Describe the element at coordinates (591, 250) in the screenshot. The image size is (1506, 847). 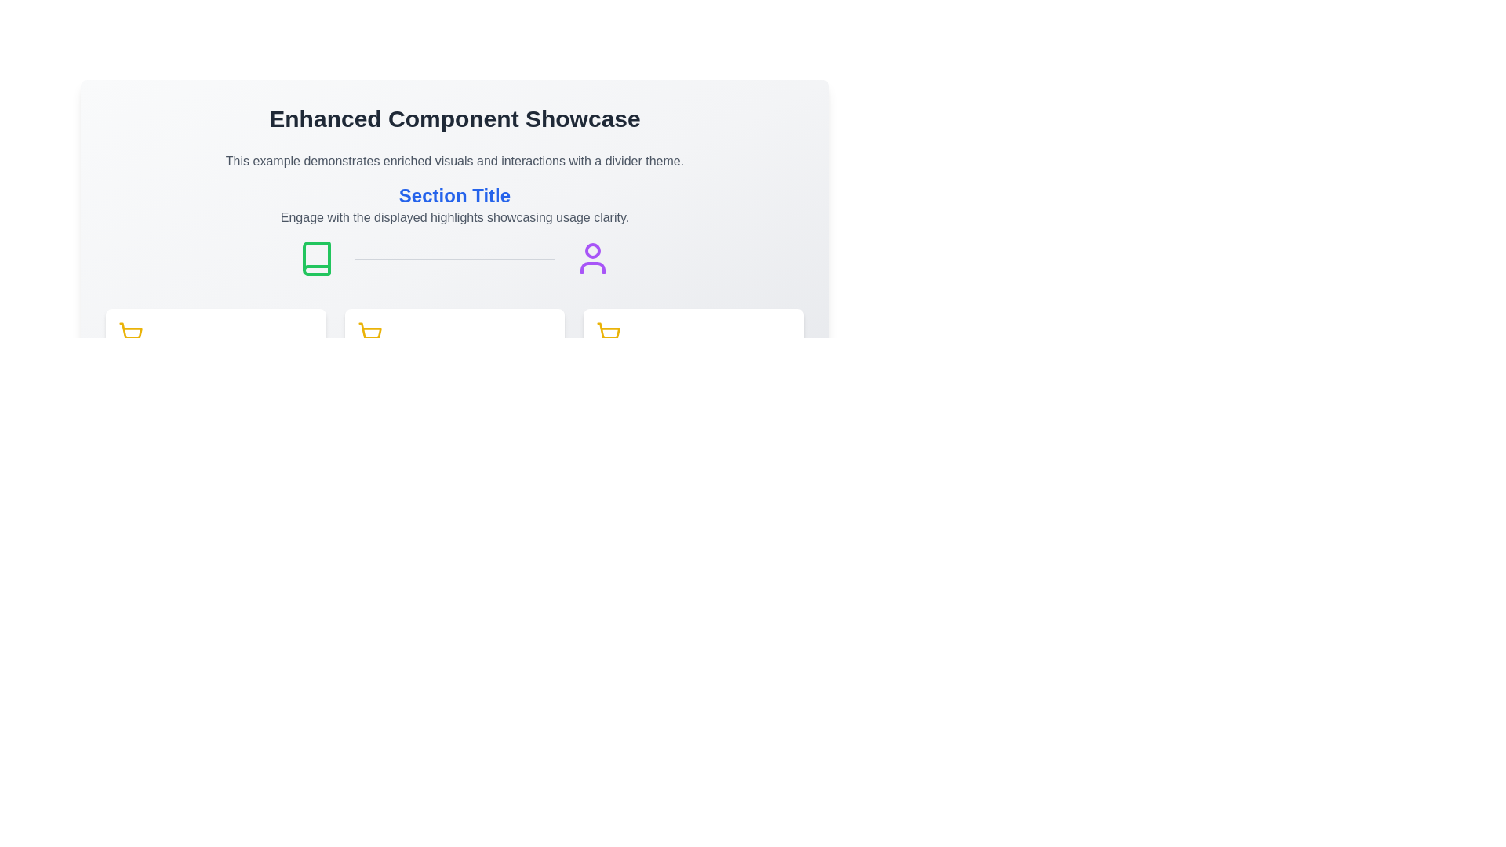
I see `the circular element of the user icon in the SVG representation located under the 'Enhanced Component Showcase' heading` at that location.